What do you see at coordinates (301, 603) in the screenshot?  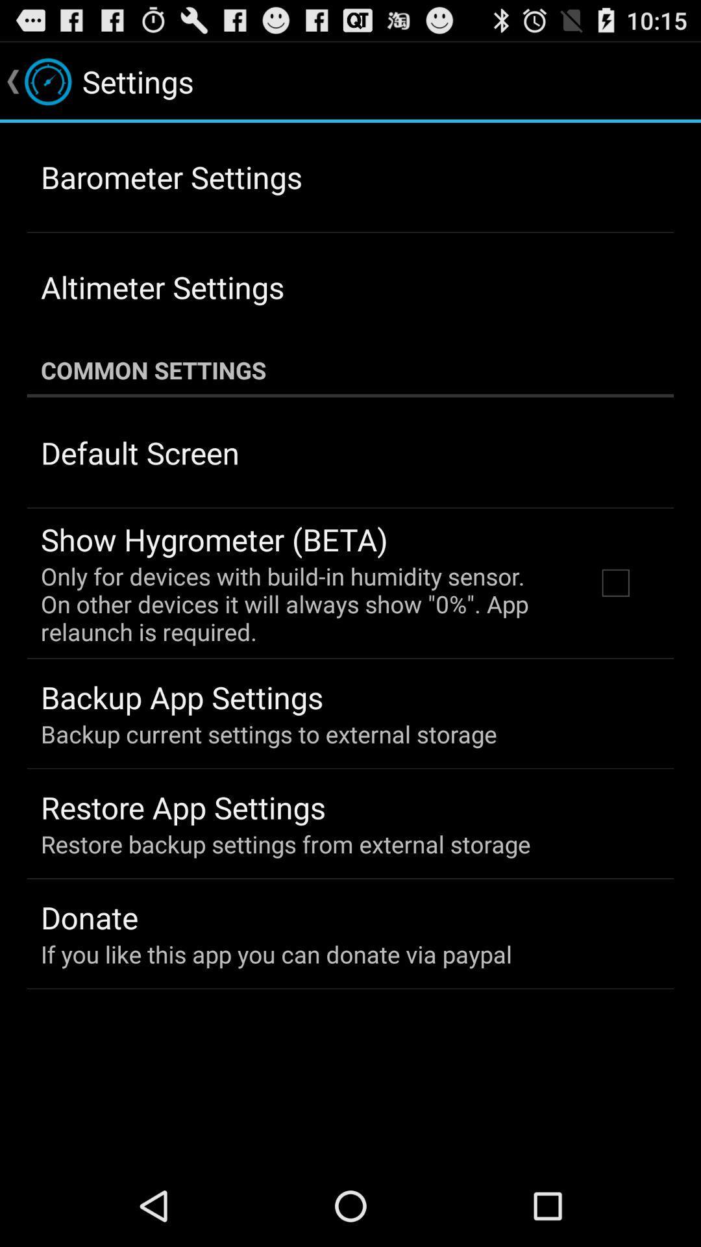 I see `the only for devices app` at bounding box center [301, 603].